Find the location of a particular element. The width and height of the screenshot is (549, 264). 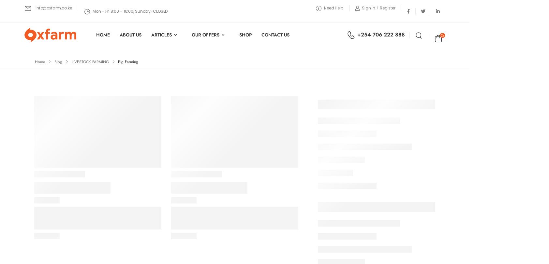

'Get In Touch' is located at coordinates (124, 164).